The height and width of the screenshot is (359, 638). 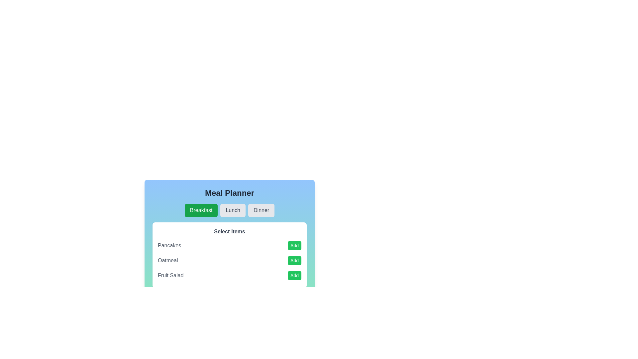 What do you see at coordinates (201, 210) in the screenshot?
I see `the 'Breakfast' button` at bounding box center [201, 210].